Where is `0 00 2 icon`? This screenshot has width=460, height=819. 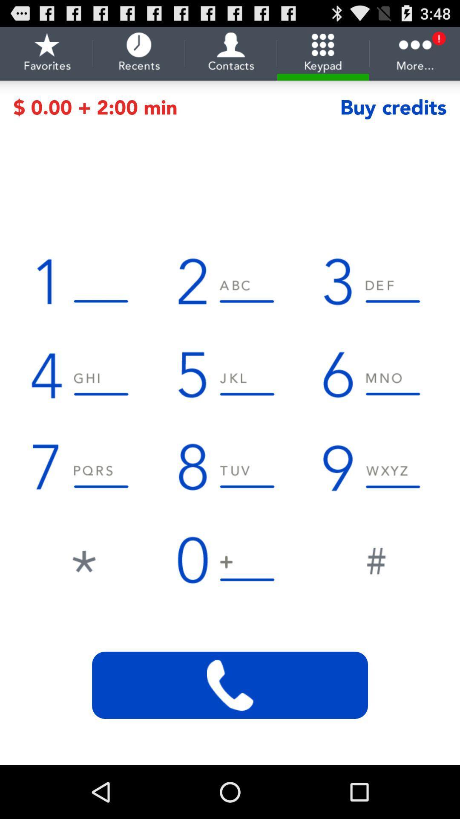
0 00 2 icon is located at coordinates (176, 107).